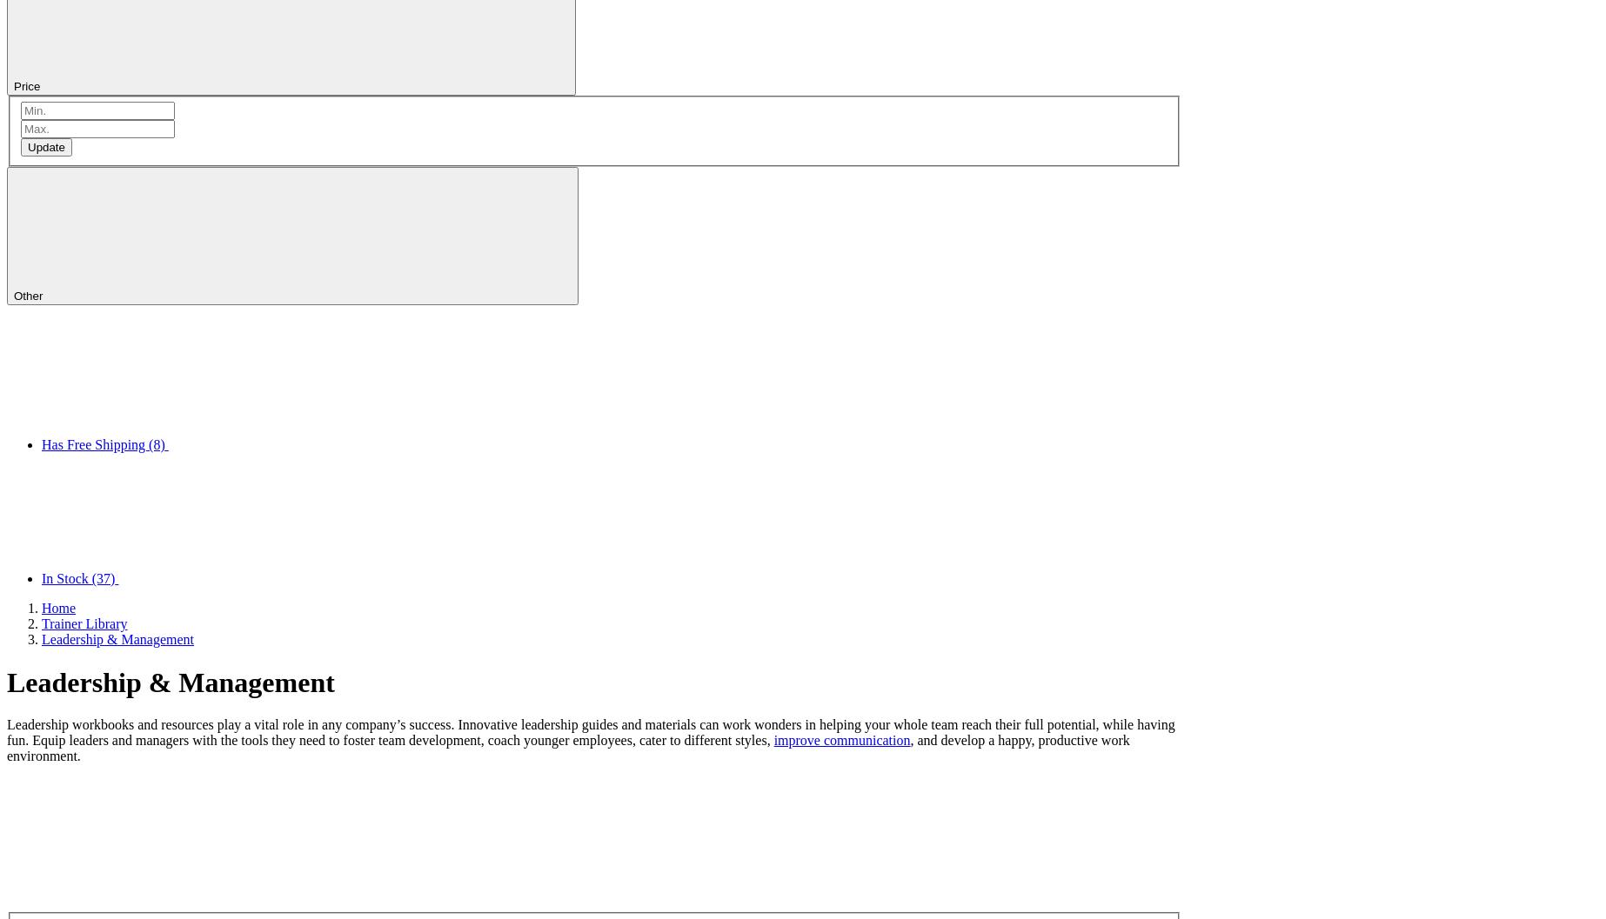 This screenshot has height=919, width=1606. What do you see at coordinates (156, 444) in the screenshot?
I see `'(8)'` at bounding box center [156, 444].